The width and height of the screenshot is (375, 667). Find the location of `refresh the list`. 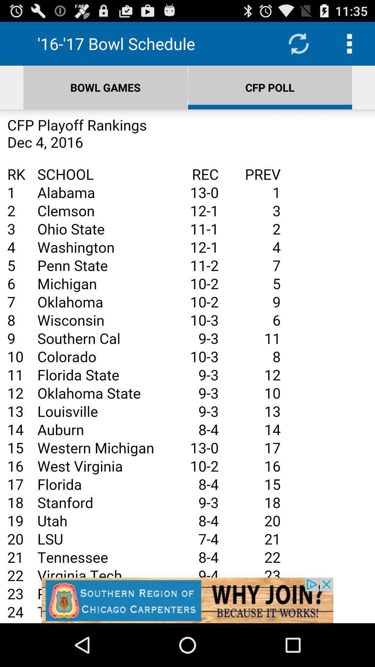

refresh the list is located at coordinates (298, 43).